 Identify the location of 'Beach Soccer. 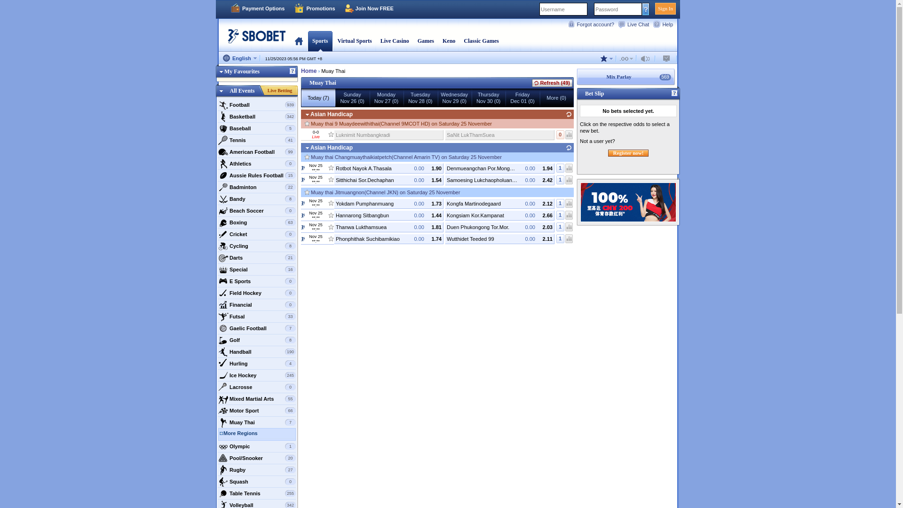
(257, 210).